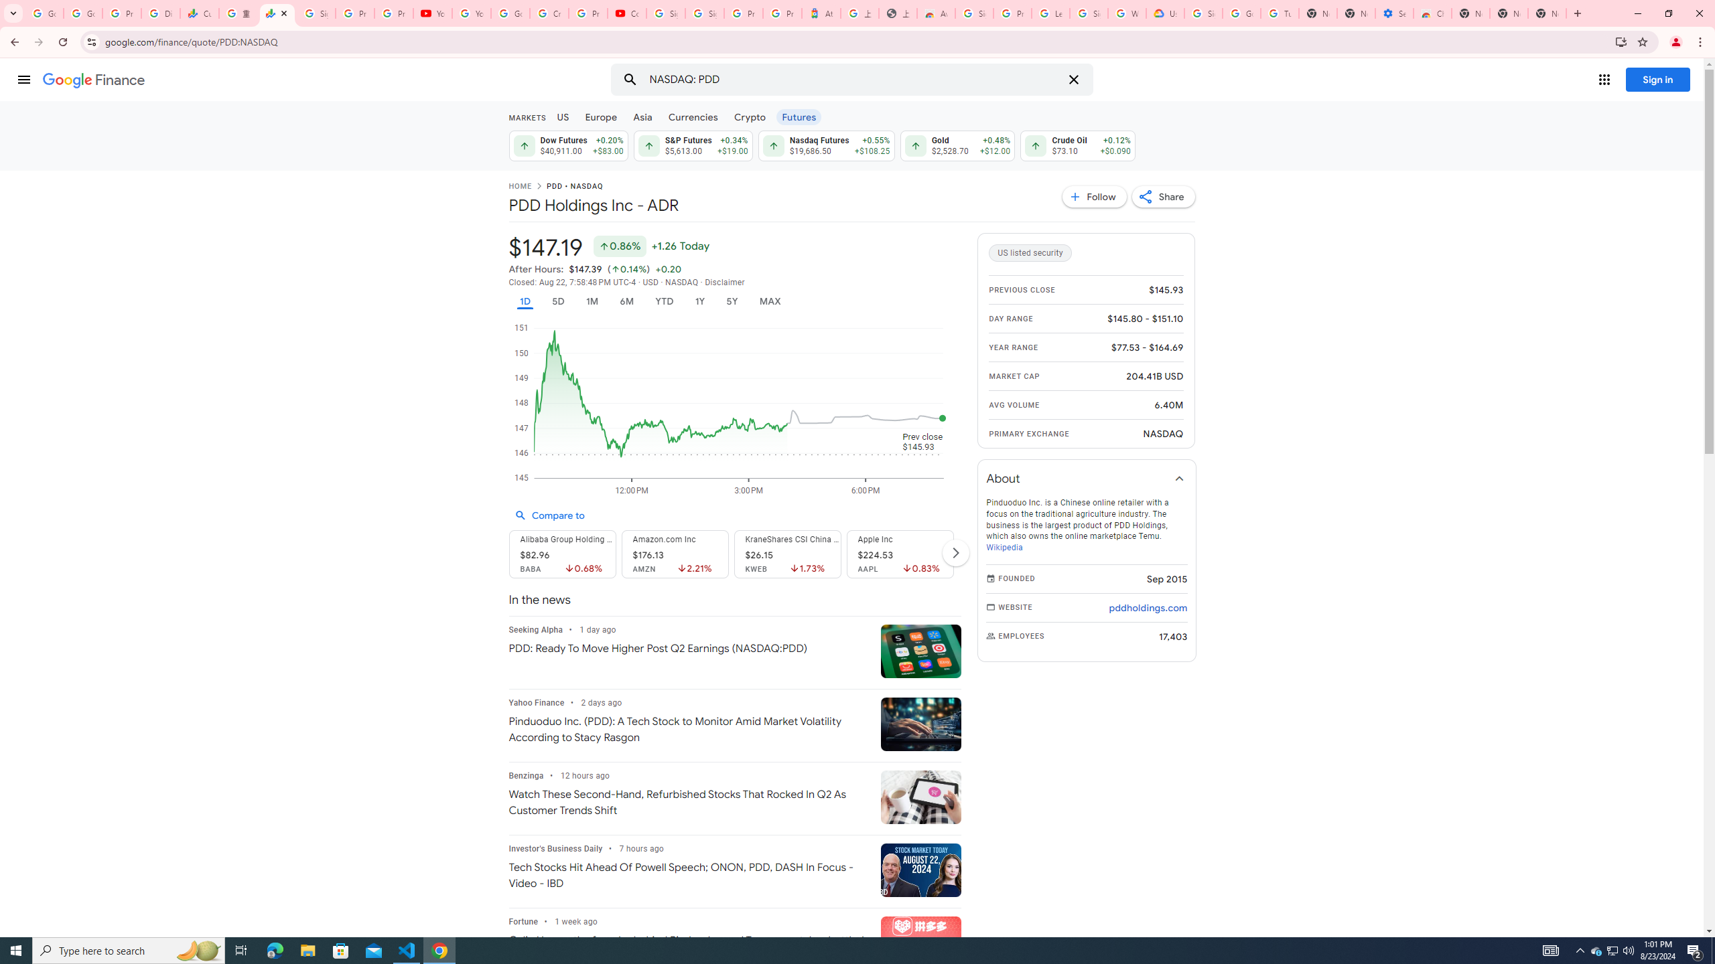 The width and height of the screenshot is (1715, 964). What do you see at coordinates (770, 301) in the screenshot?
I see `'MAX'` at bounding box center [770, 301].